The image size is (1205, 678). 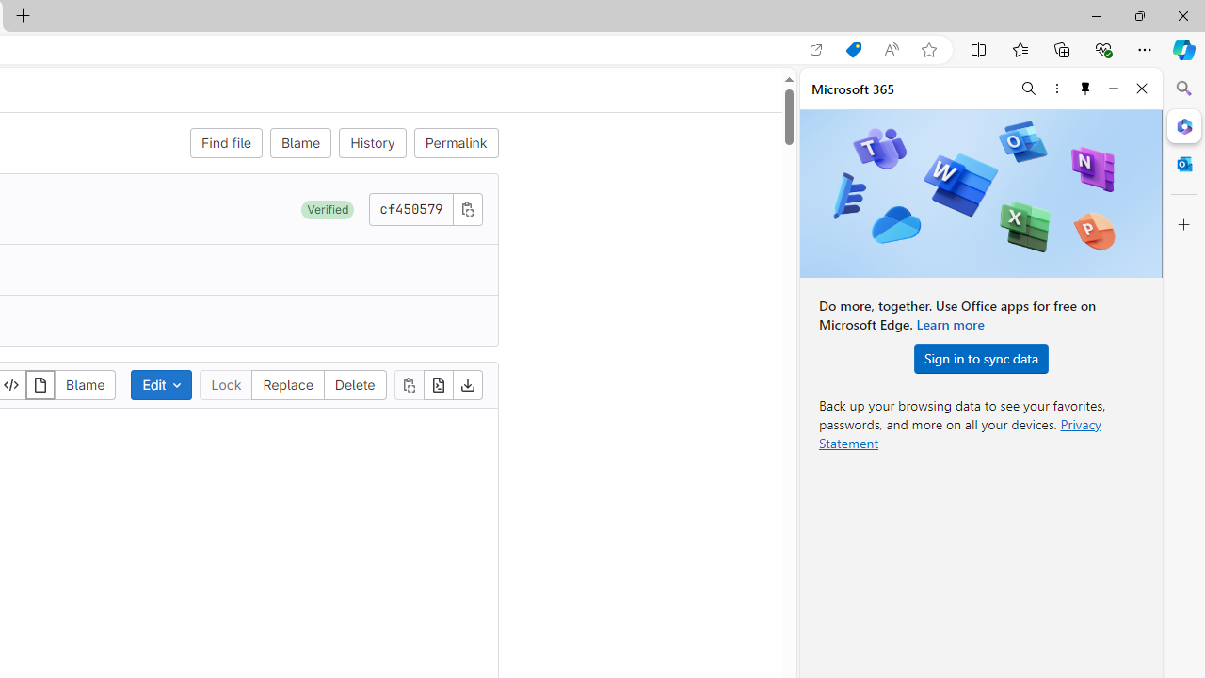 What do you see at coordinates (437, 383) in the screenshot?
I see `'Open raw'` at bounding box center [437, 383].